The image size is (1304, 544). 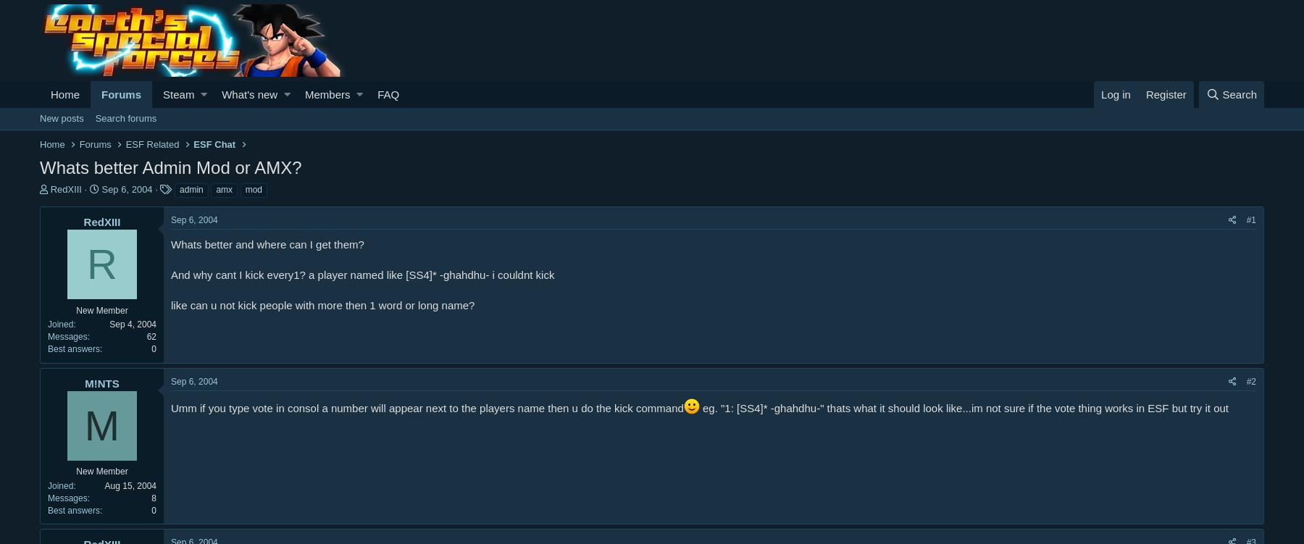 I want to click on 'Whats better and where can I get them?', so click(x=267, y=243).